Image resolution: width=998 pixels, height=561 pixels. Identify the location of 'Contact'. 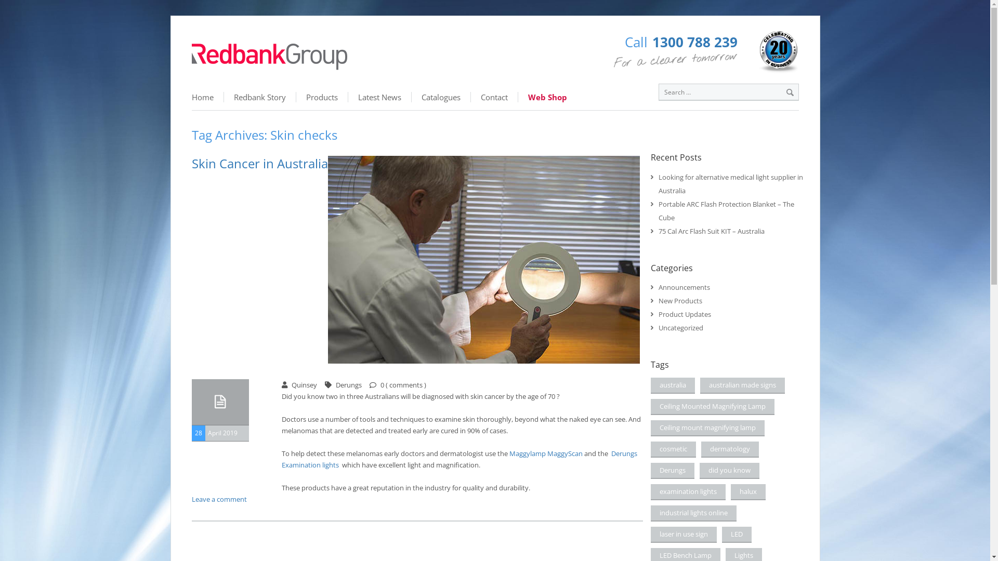
(470, 97).